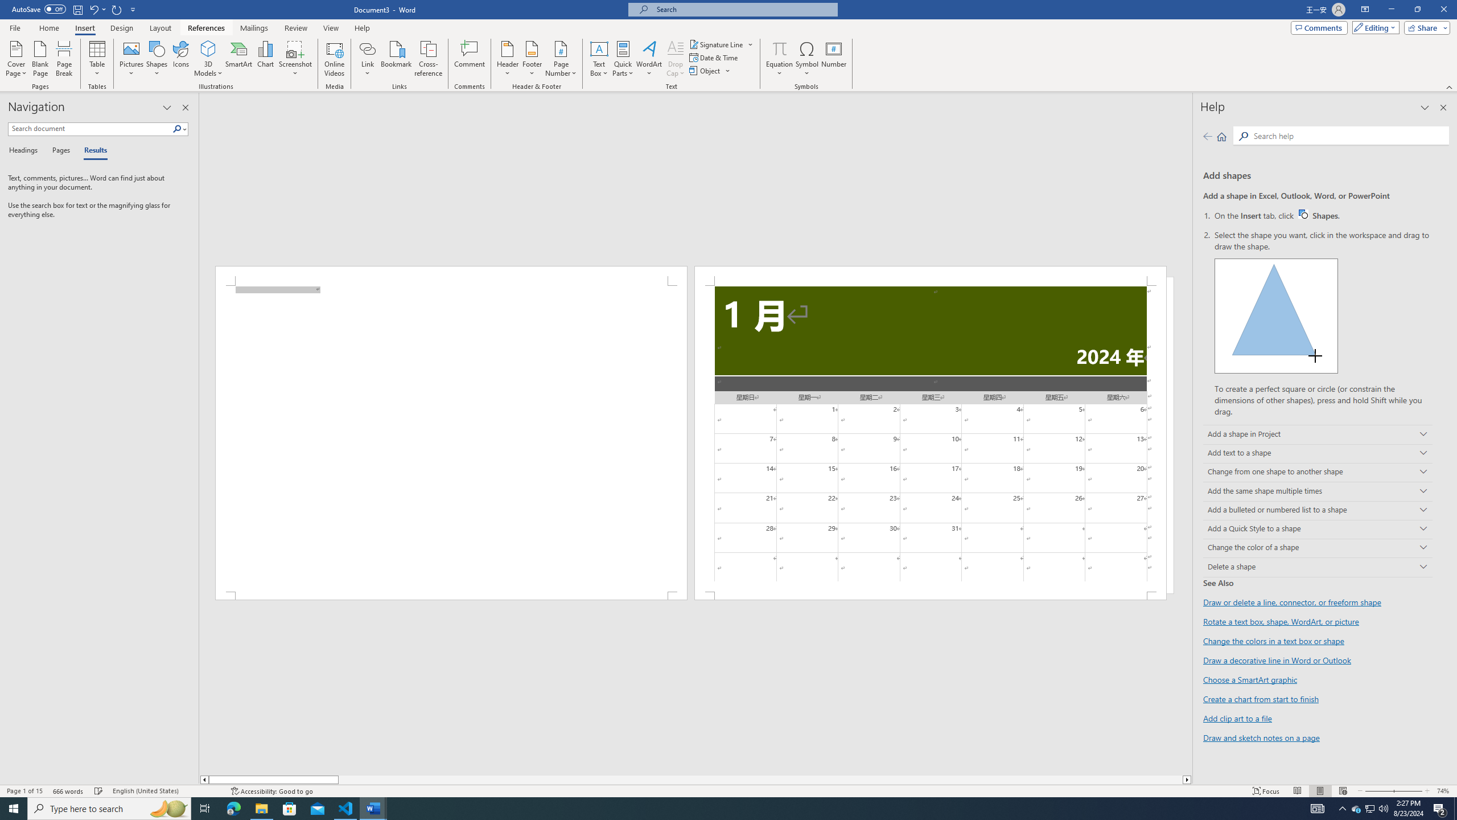  I want to click on 'Previous page', so click(1207, 136).